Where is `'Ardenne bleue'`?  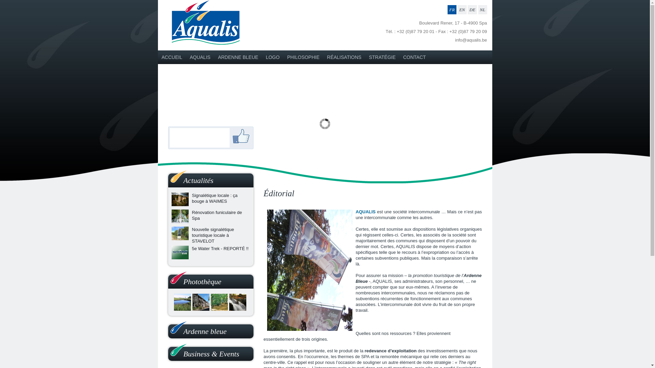
'Ardenne bleue' is located at coordinates (205, 331).